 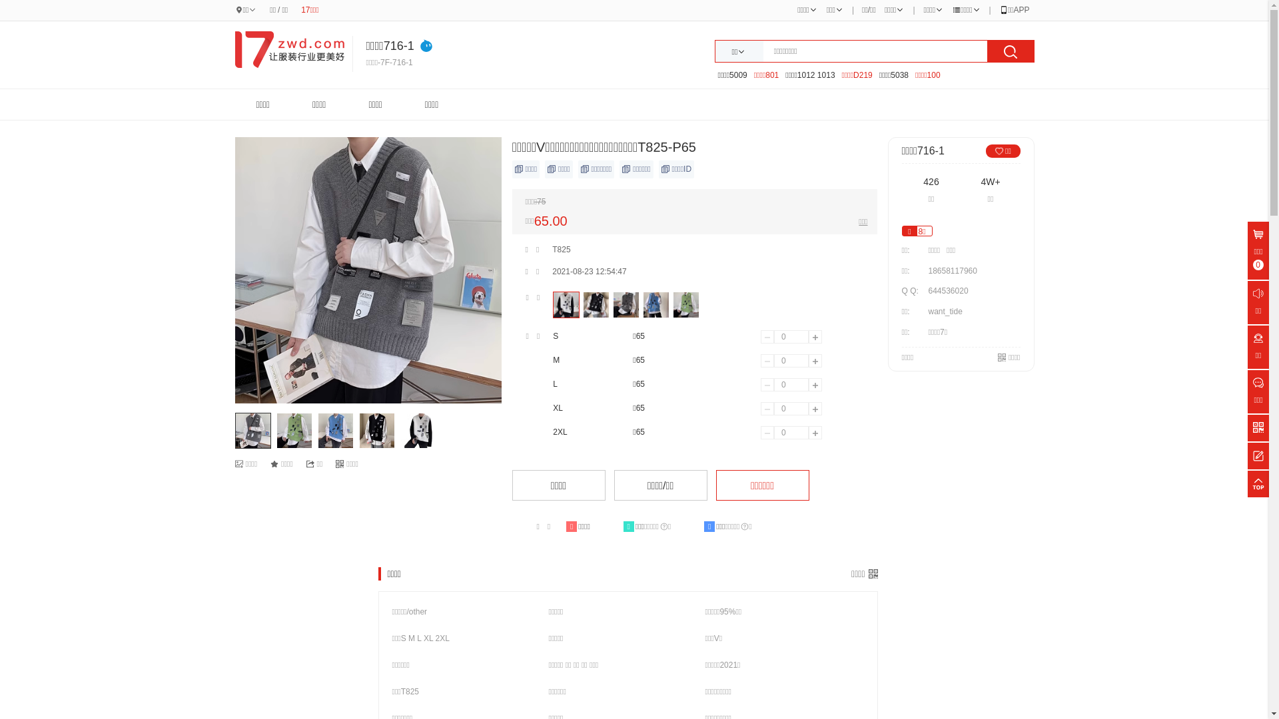 What do you see at coordinates (923, 311) in the screenshot?
I see `'want_tide'` at bounding box center [923, 311].